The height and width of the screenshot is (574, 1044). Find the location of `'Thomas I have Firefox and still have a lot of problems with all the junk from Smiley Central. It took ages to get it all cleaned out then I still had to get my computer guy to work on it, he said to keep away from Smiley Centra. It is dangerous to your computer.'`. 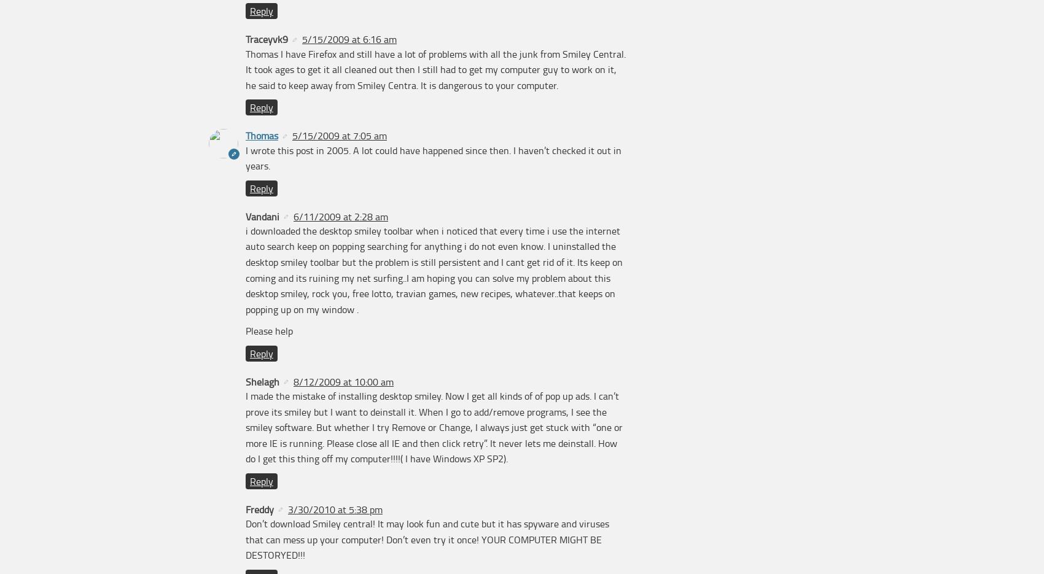

'Thomas I have Firefox and still have a lot of problems with all the junk from Smiley Central. It took ages to get it all cleaned out then I still had to get my computer guy to work on it, he said to keep away from Smiley Centra. It is dangerous to your computer.' is located at coordinates (435, 68).